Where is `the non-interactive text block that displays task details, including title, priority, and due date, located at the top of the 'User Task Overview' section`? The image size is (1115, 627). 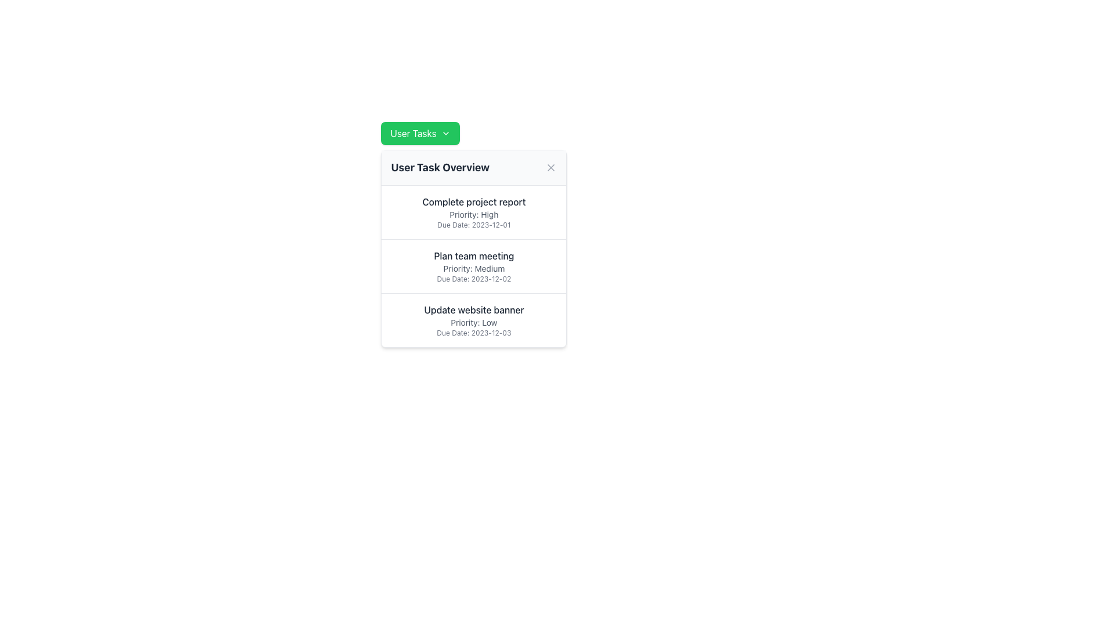
the non-interactive text block that displays task details, including title, priority, and due date, located at the top of the 'User Task Overview' section is located at coordinates (474, 212).